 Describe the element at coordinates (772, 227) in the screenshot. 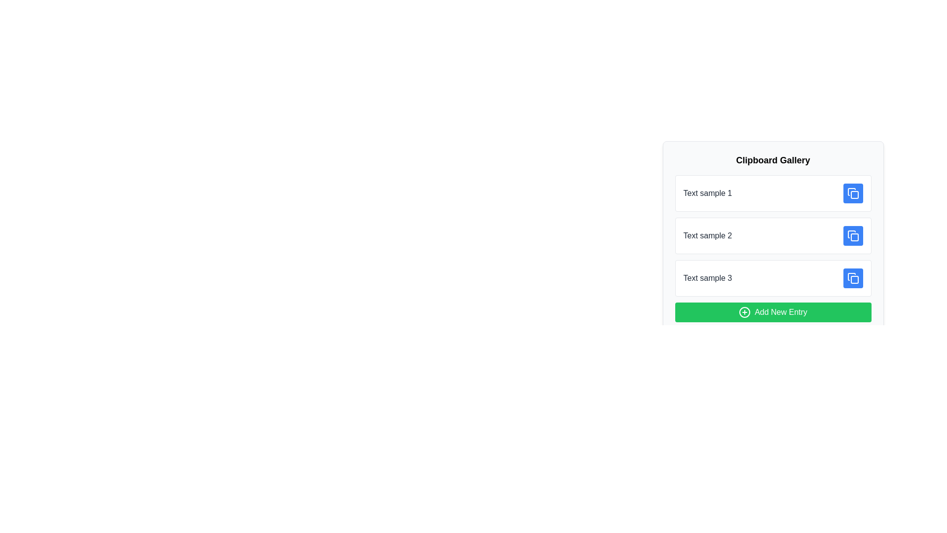

I see `the entry labeled 'Text sample 2'` at that location.